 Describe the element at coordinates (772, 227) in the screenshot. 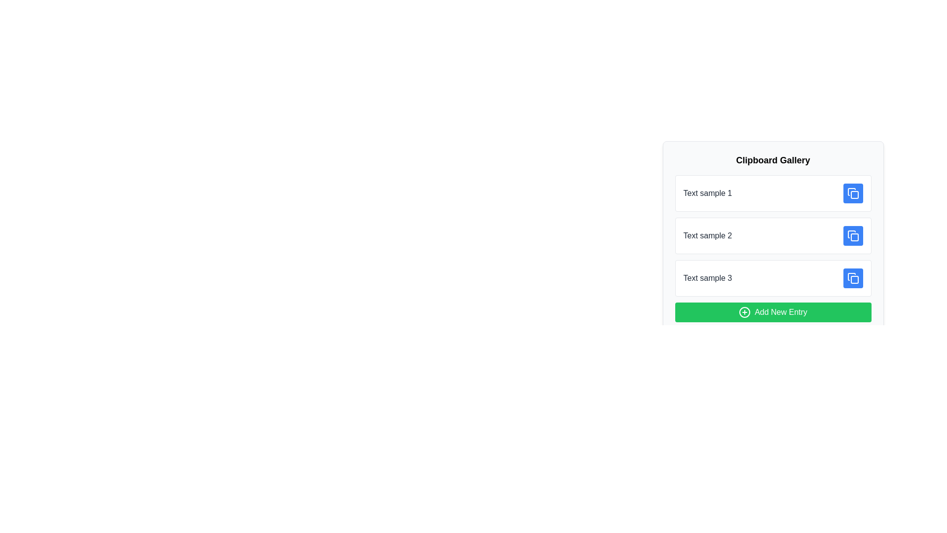

I see `the entry labeled 'Text sample 2'` at that location.